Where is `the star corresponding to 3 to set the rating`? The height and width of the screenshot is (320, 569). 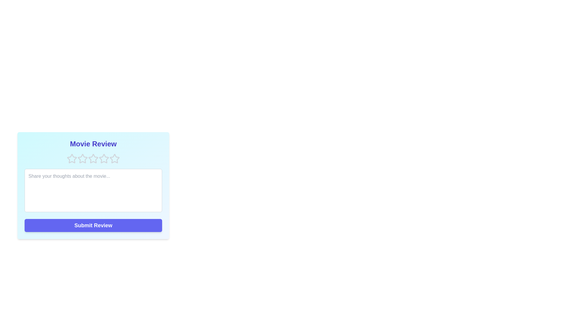 the star corresponding to 3 to set the rating is located at coordinates (93, 159).